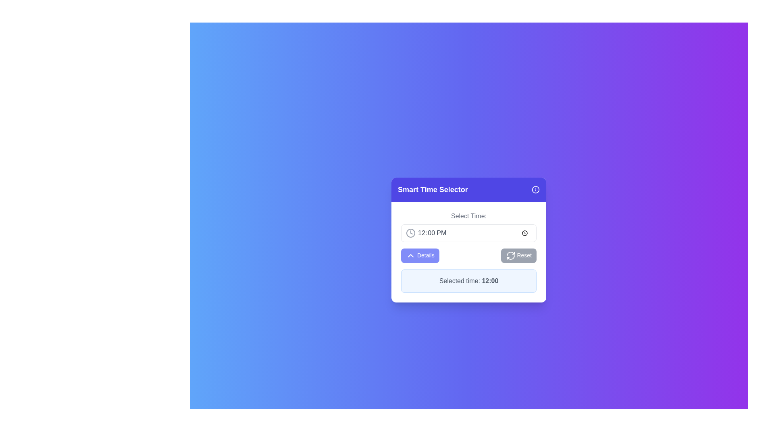 This screenshot has height=435, width=774. Describe the element at coordinates (420, 256) in the screenshot. I see `the 'Details' button` at that location.